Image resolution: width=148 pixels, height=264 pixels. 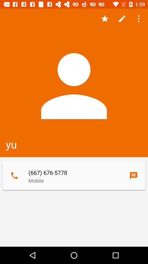 I want to click on item above the yu, so click(x=139, y=19).